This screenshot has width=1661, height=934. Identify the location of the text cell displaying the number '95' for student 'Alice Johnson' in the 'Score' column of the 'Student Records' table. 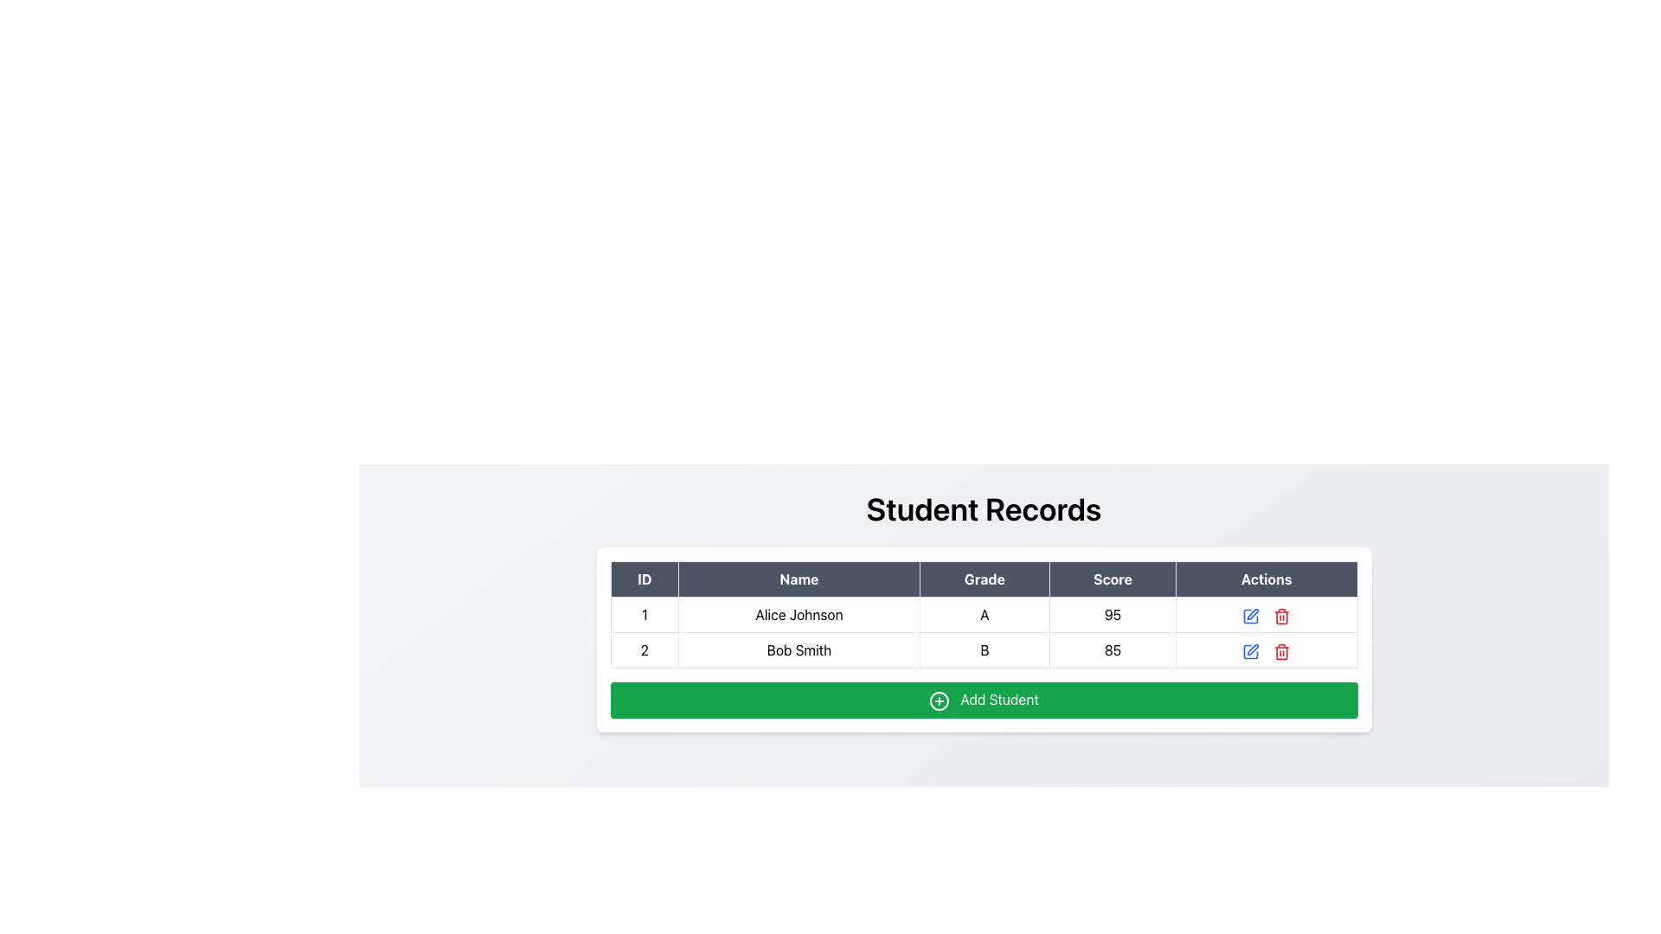
(1113, 613).